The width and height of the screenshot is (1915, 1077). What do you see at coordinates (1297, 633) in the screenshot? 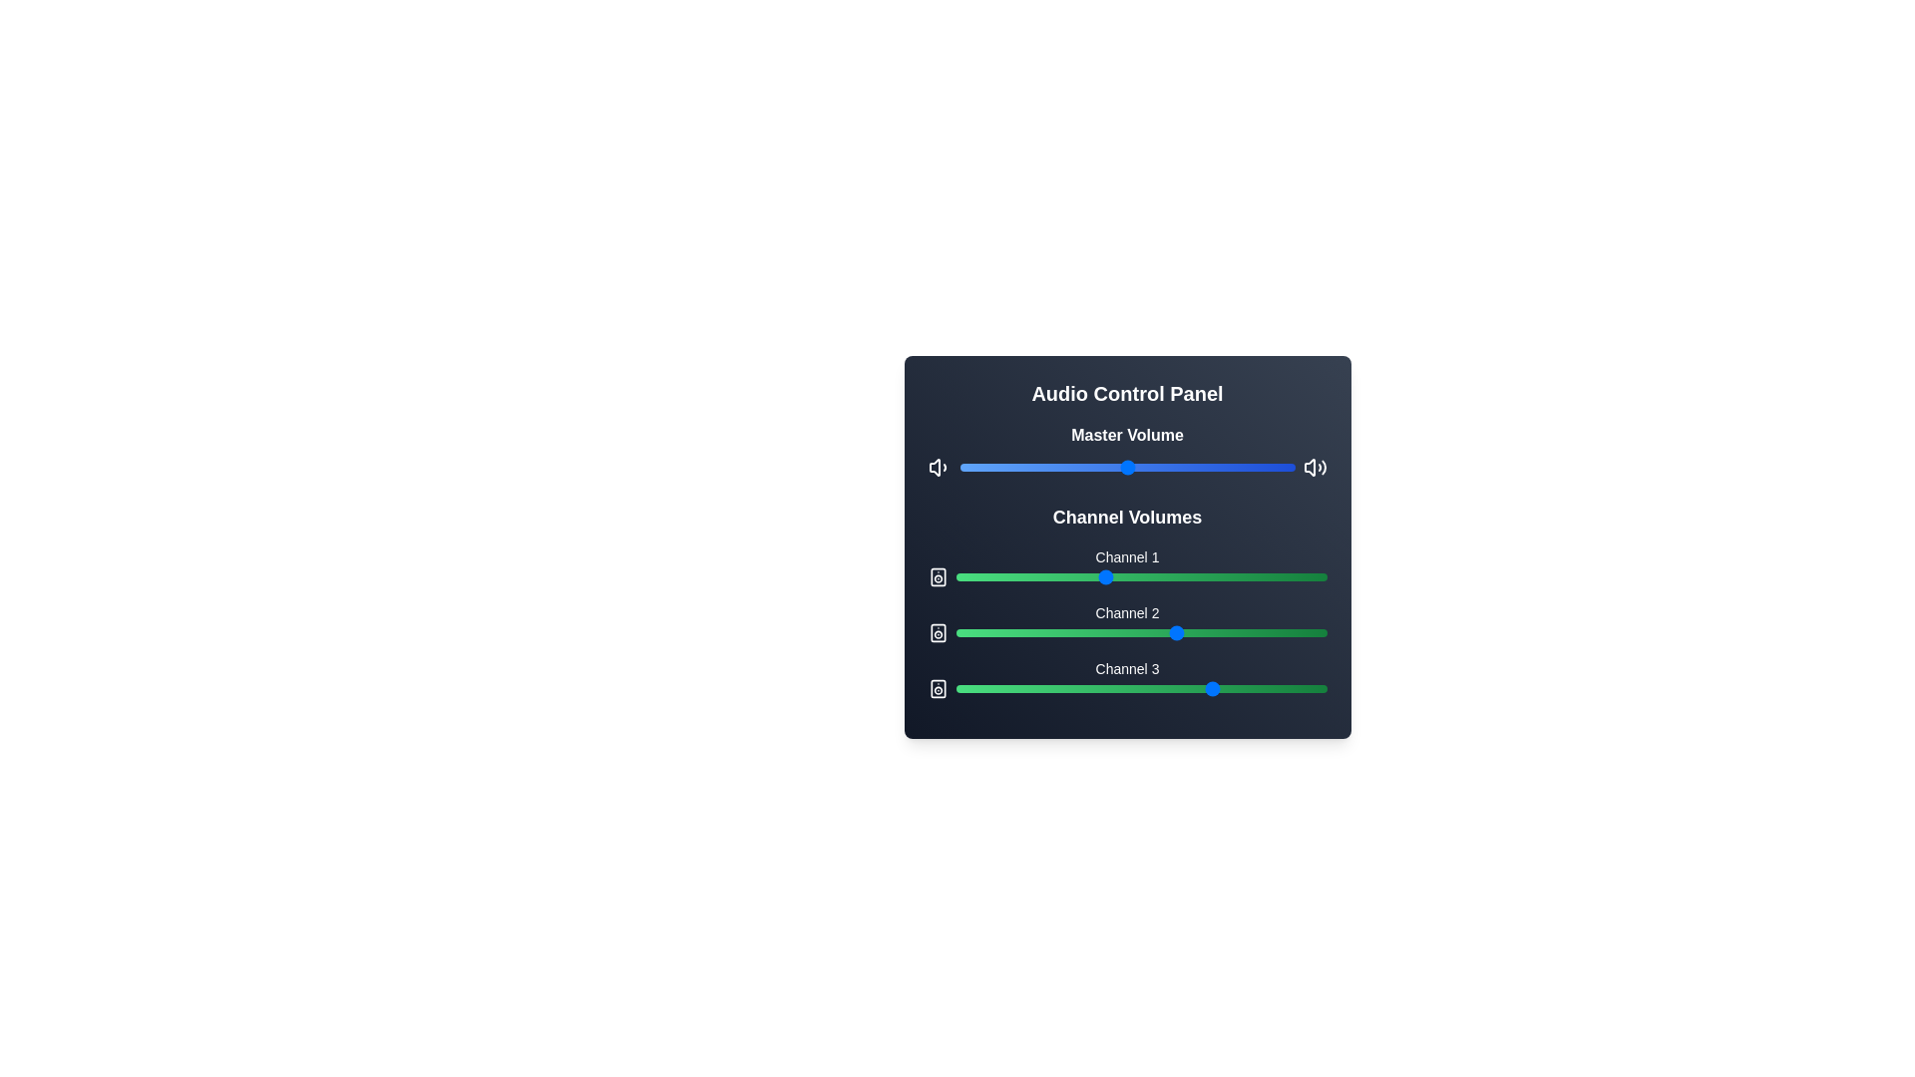
I see `the slider value` at bounding box center [1297, 633].